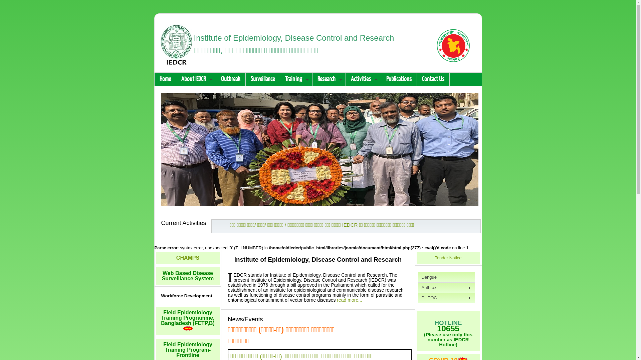 This screenshot has width=641, height=360. Describe the element at coordinates (187, 349) in the screenshot. I see `'Field Epidemiology Training Program-Frontline'` at that location.